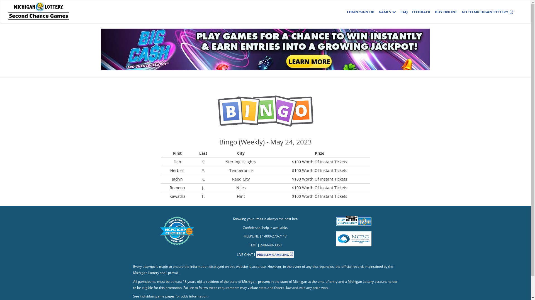 The height and width of the screenshot is (300, 535). I want to click on 'GO TO MICHIGANLOTTERY', so click(487, 12).